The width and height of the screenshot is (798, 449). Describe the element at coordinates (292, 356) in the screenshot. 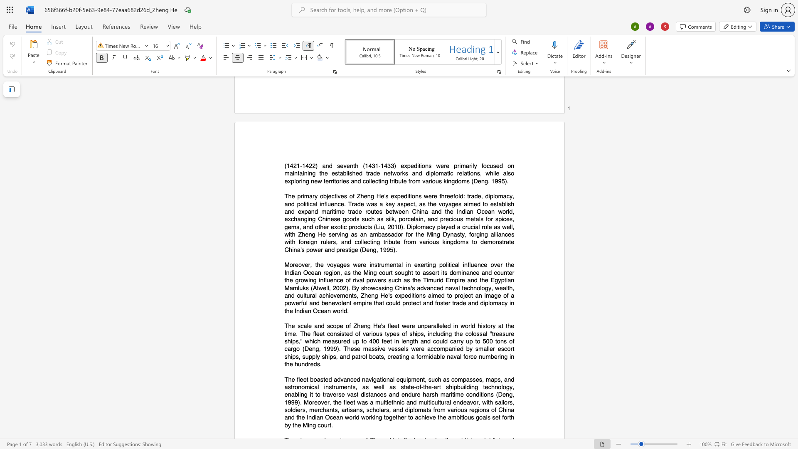

I see `the subset text "ps, supply ships, and patrol" within the text "of ships, including the colossal"` at that location.